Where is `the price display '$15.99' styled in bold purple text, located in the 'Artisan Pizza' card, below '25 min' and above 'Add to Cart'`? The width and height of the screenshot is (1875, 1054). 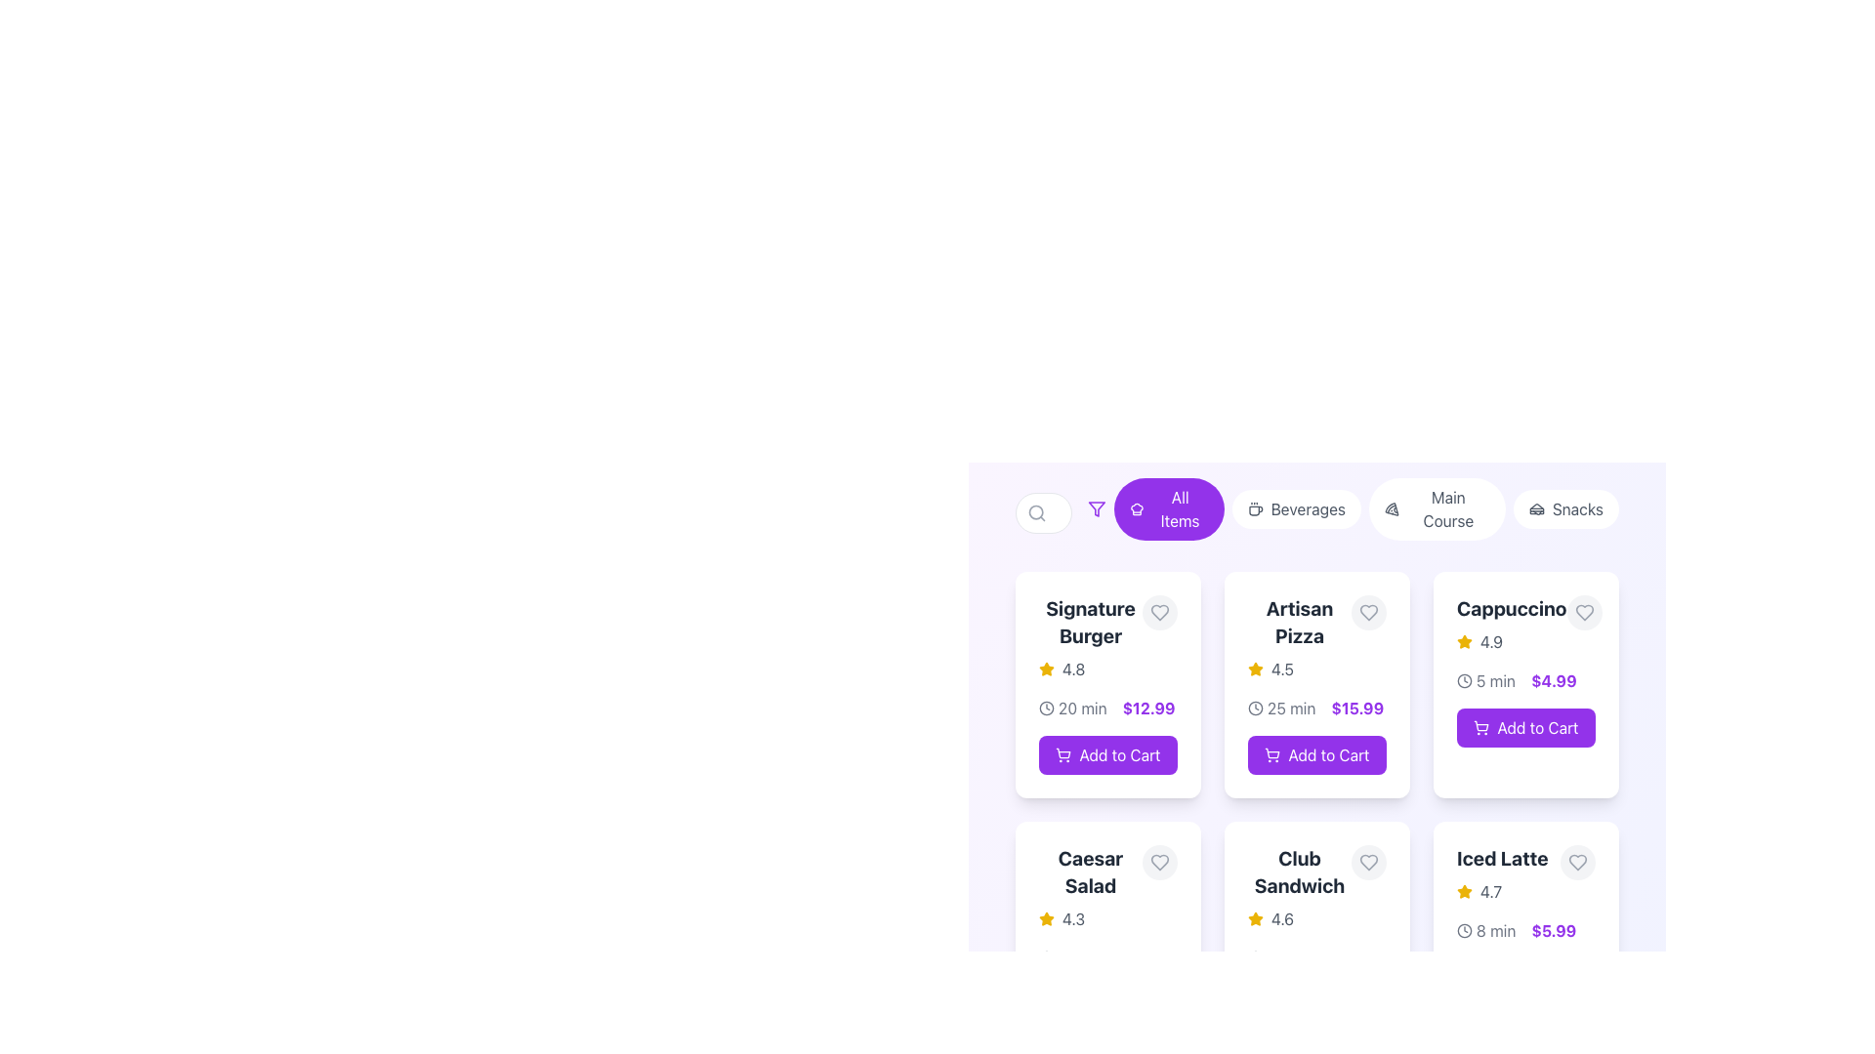 the price display '$15.99' styled in bold purple text, located in the 'Artisan Pizza' card, below '25 min' and above 'Add to Cart' is located at coordinates (1356, 708).